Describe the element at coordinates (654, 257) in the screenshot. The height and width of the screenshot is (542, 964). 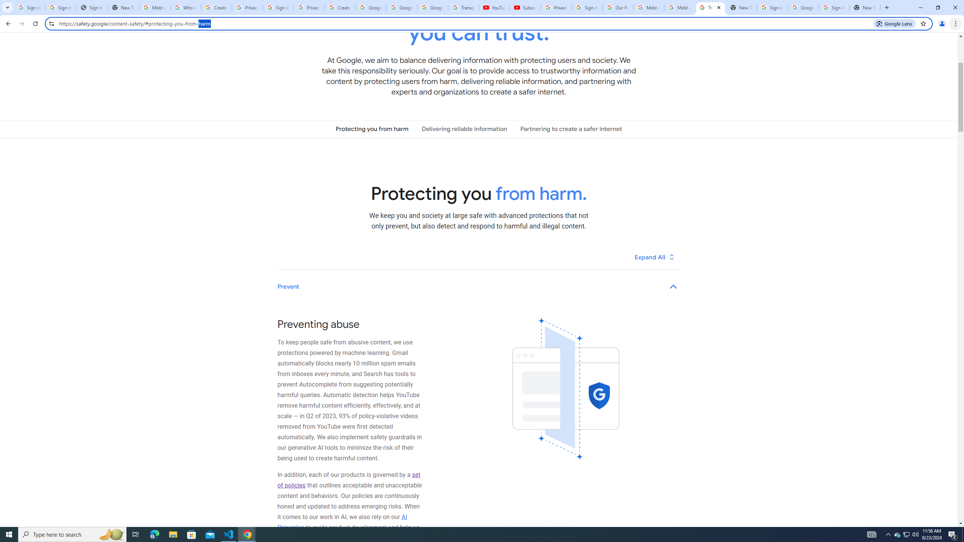
I see `'Expand All'` at that location.